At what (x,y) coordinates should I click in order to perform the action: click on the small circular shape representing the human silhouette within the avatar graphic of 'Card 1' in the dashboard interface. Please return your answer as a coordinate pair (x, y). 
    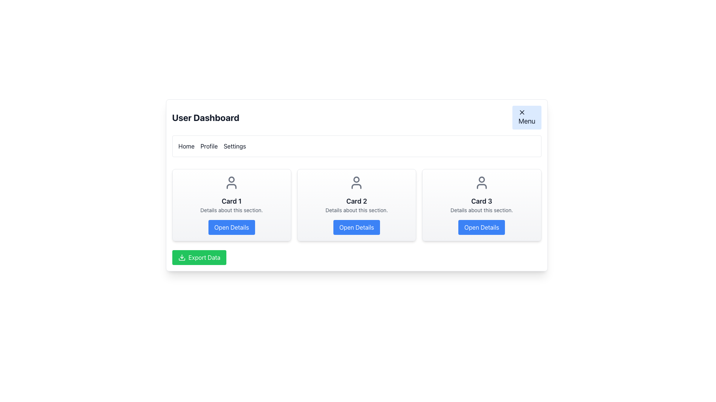
    Looking at the image, I should click on (231, 179).